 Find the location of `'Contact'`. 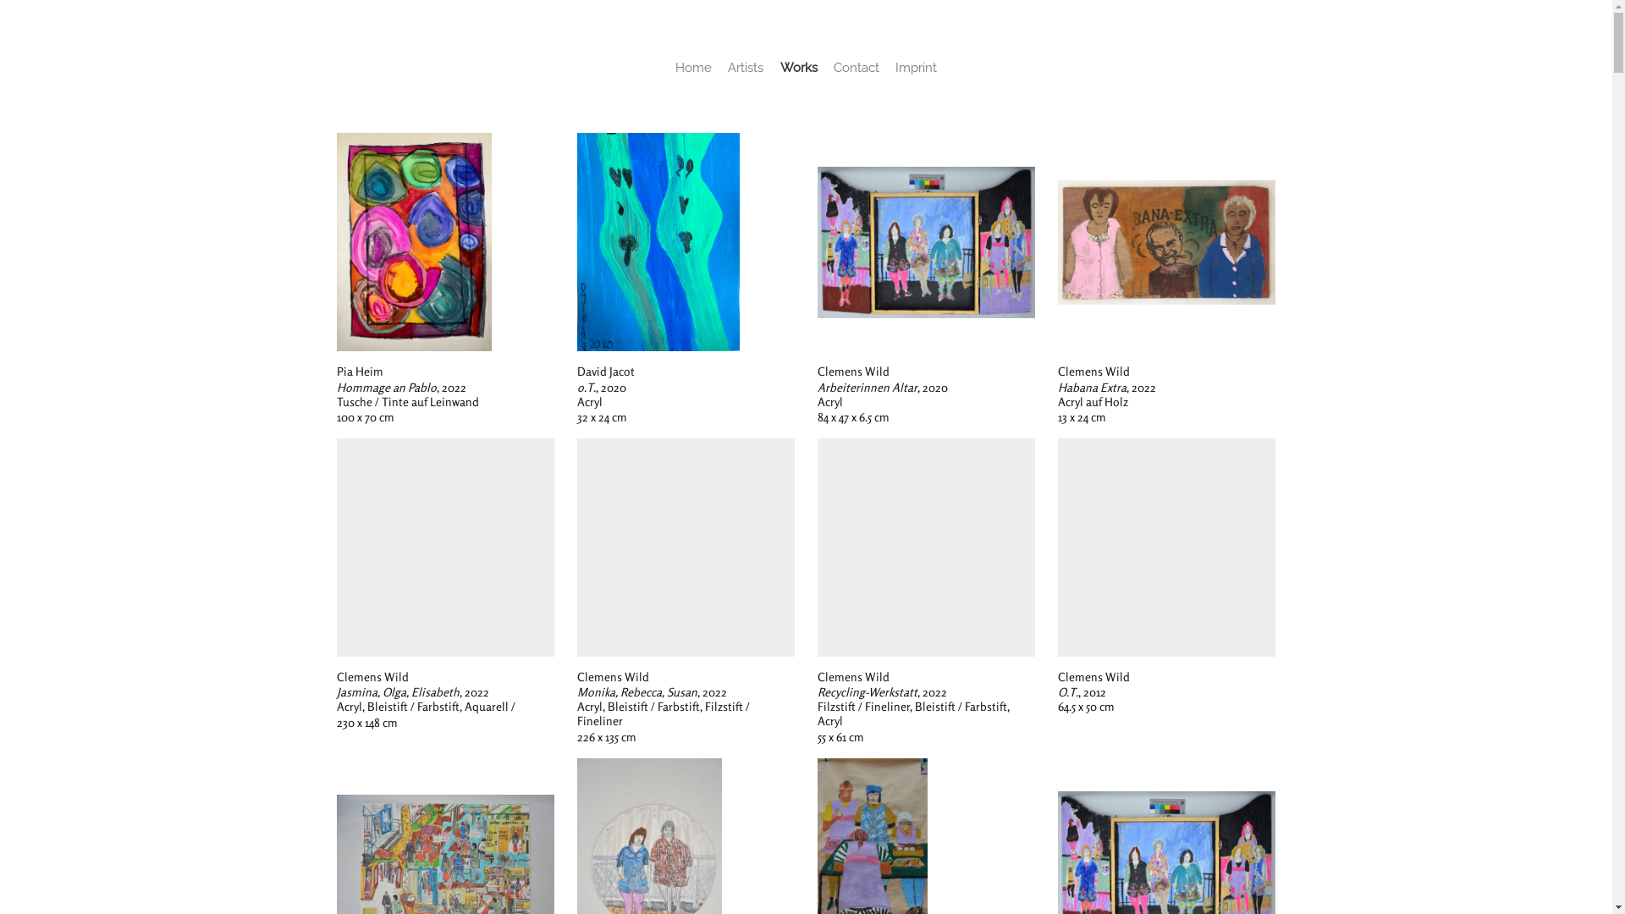

'Contact' is located at coordinates (833, 67).